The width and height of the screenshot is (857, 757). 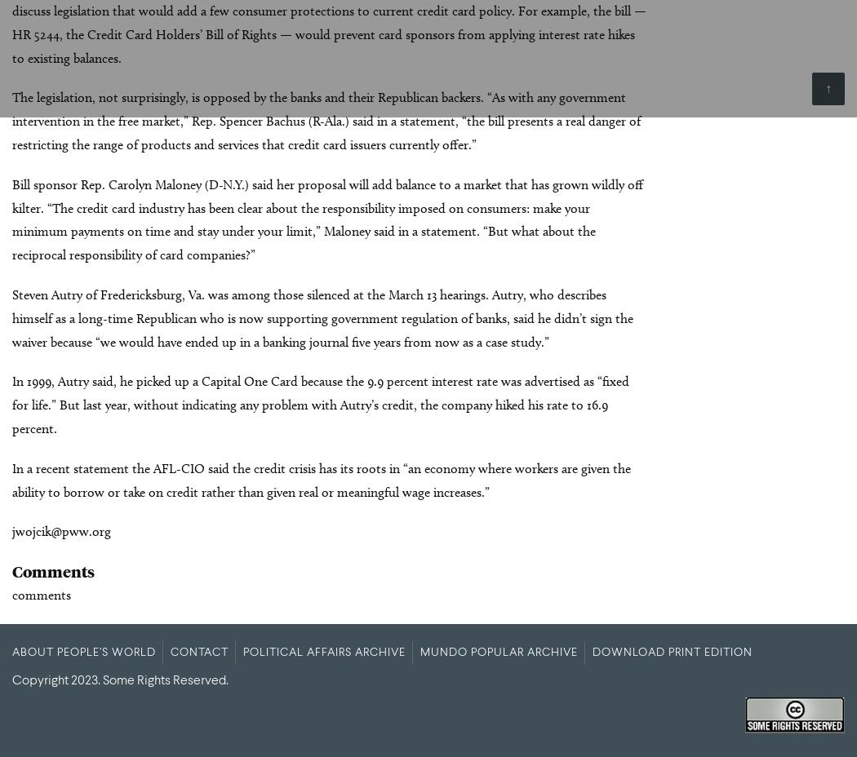 I want to click on 'Mundo Popular Archive', so click(x=499, y=651).